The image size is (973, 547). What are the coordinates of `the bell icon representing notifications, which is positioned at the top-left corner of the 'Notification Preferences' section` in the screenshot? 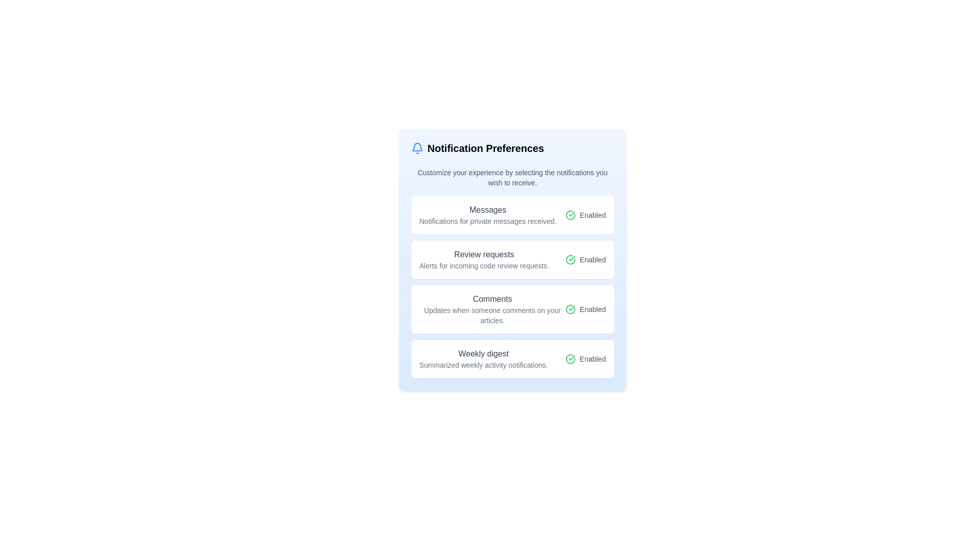 It's located at (417, 148).